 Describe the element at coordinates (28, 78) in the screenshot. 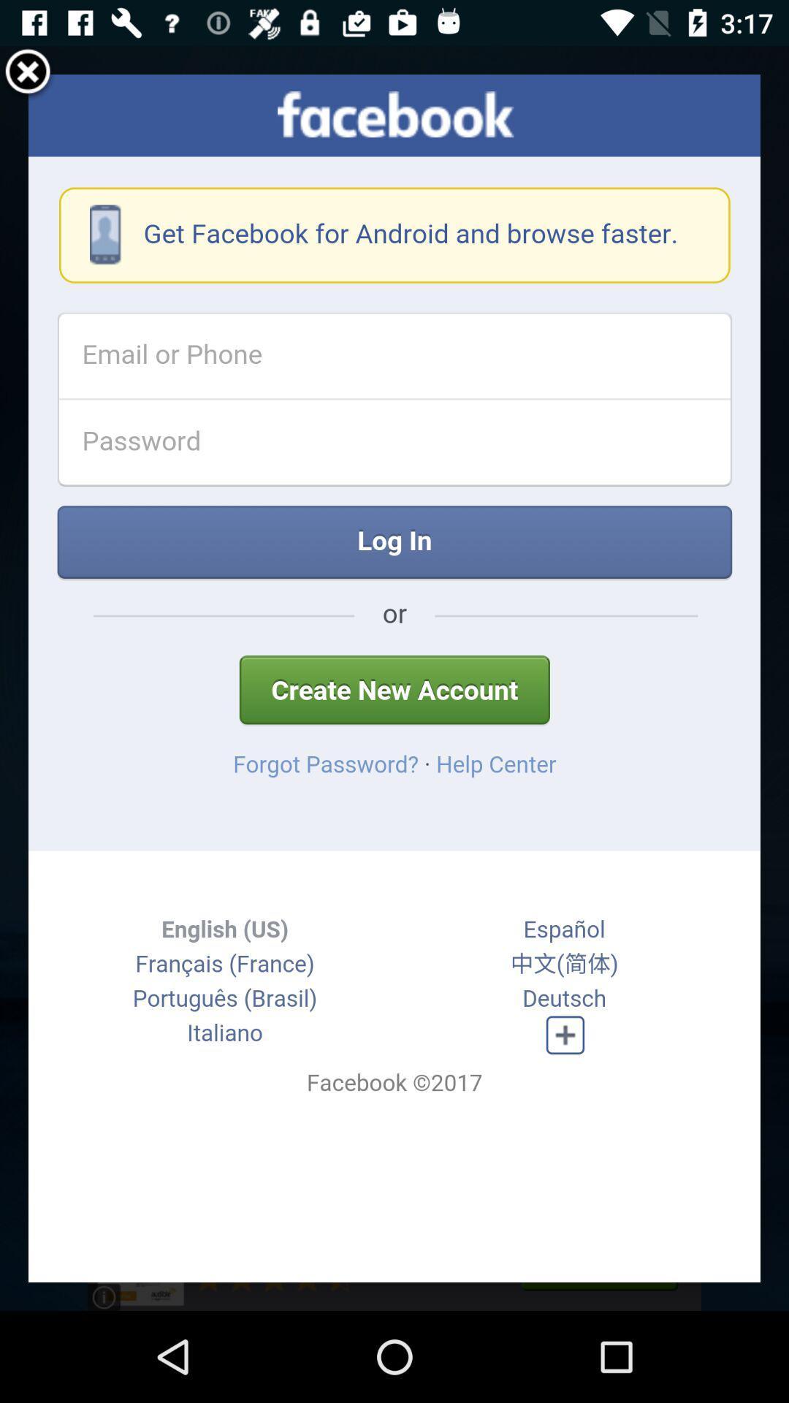

I see `the close icon` at that location.